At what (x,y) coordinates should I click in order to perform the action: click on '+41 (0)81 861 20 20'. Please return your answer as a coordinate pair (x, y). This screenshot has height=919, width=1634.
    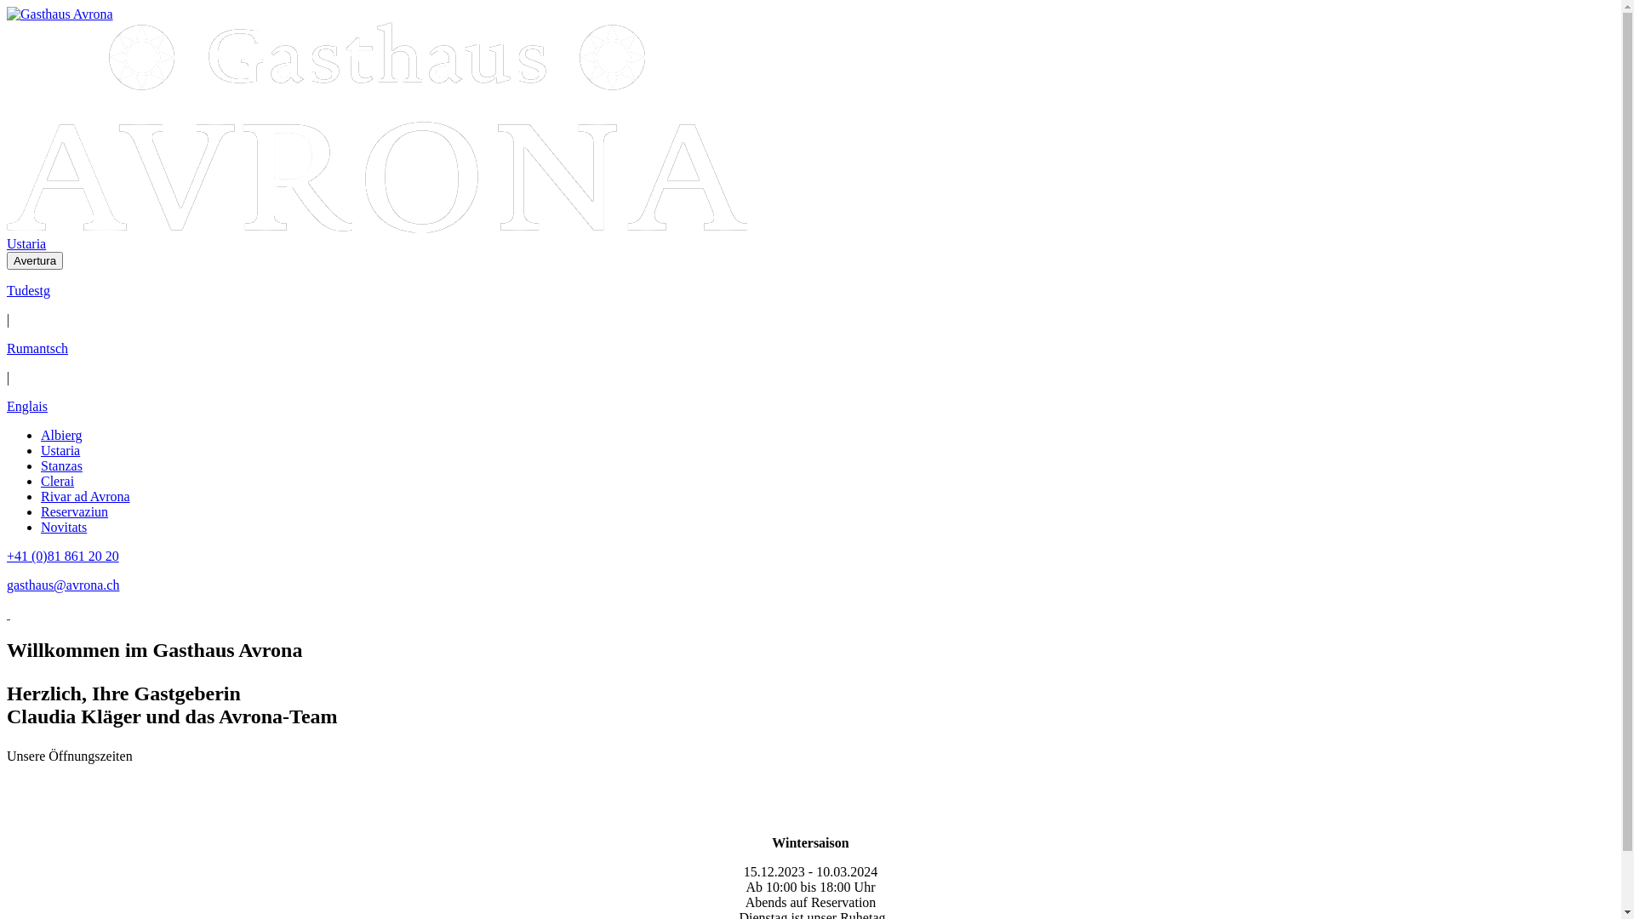
    Looking at the image, I should click on (62, 556).